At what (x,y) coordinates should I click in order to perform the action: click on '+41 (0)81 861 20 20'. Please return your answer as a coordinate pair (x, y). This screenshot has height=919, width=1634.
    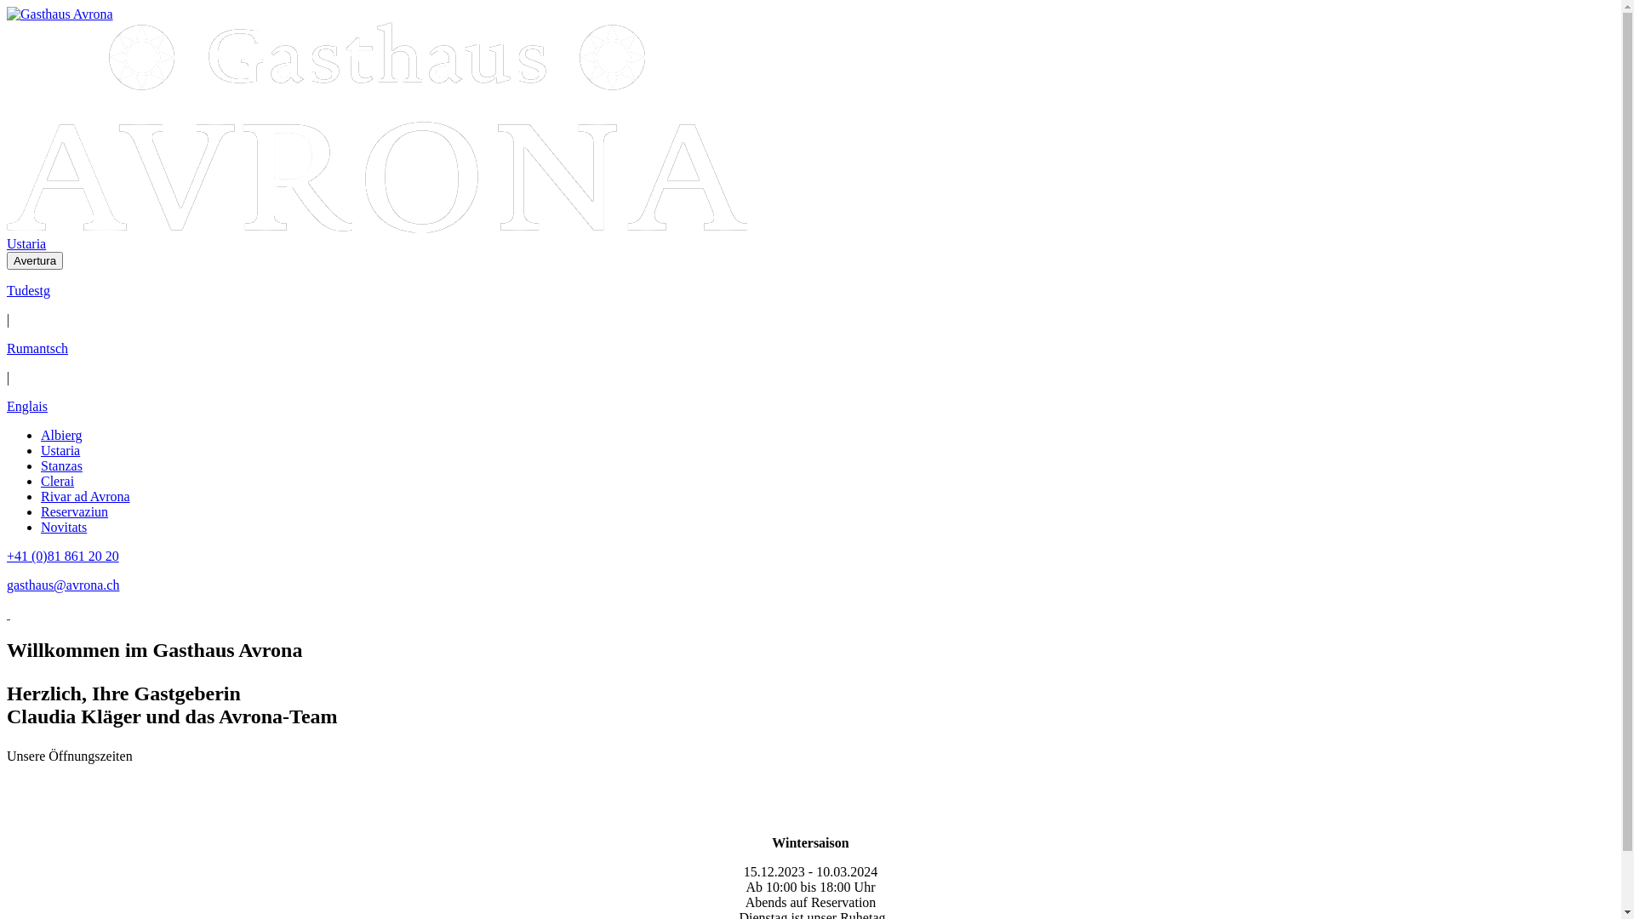
    Looking at the image, I should click on (62, 556).